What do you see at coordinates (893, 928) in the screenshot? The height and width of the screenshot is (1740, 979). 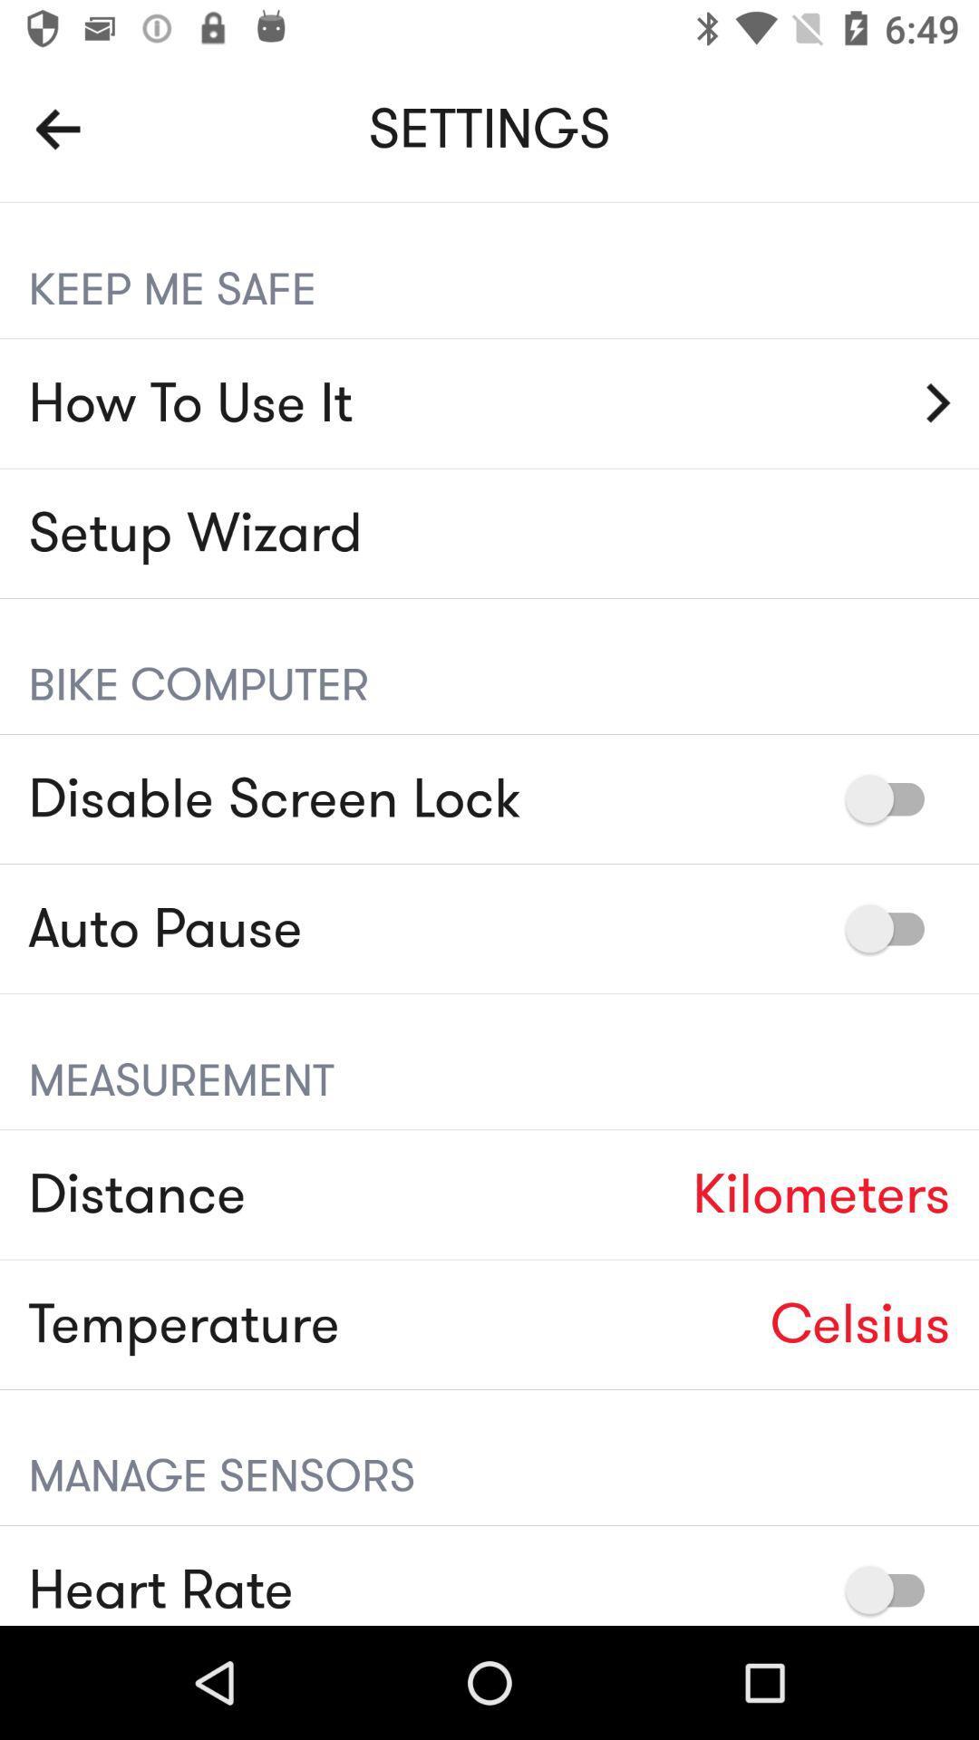 I see `auto pause toggle off` at bounding box center [893, 928].